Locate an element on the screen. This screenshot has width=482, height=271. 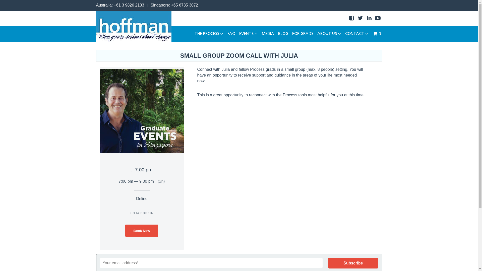
'BLOG' is located at coordinates (283, 34).